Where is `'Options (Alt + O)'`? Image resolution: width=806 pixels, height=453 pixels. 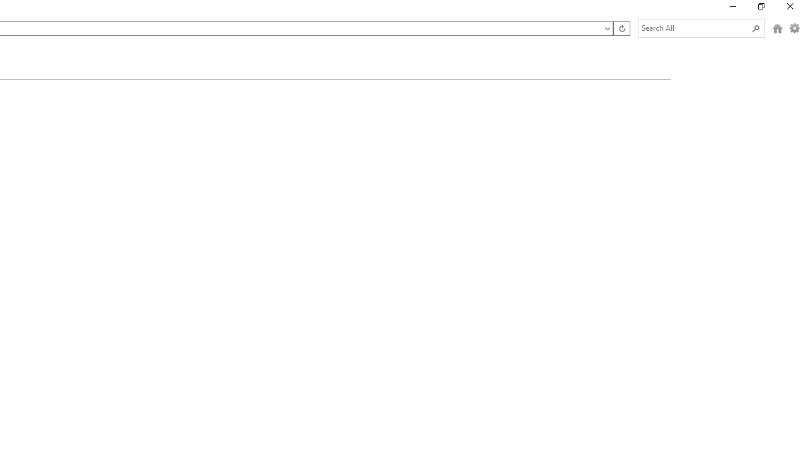 'Options (Alt + O)' is located at coordinates (794, 28).